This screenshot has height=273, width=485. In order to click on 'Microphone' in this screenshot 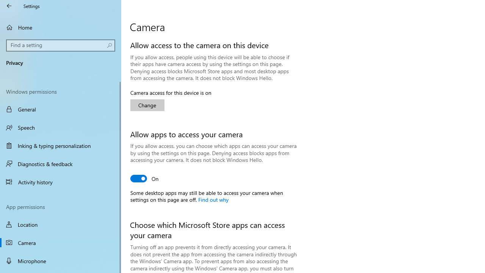, I will do `click(61, 260)`.